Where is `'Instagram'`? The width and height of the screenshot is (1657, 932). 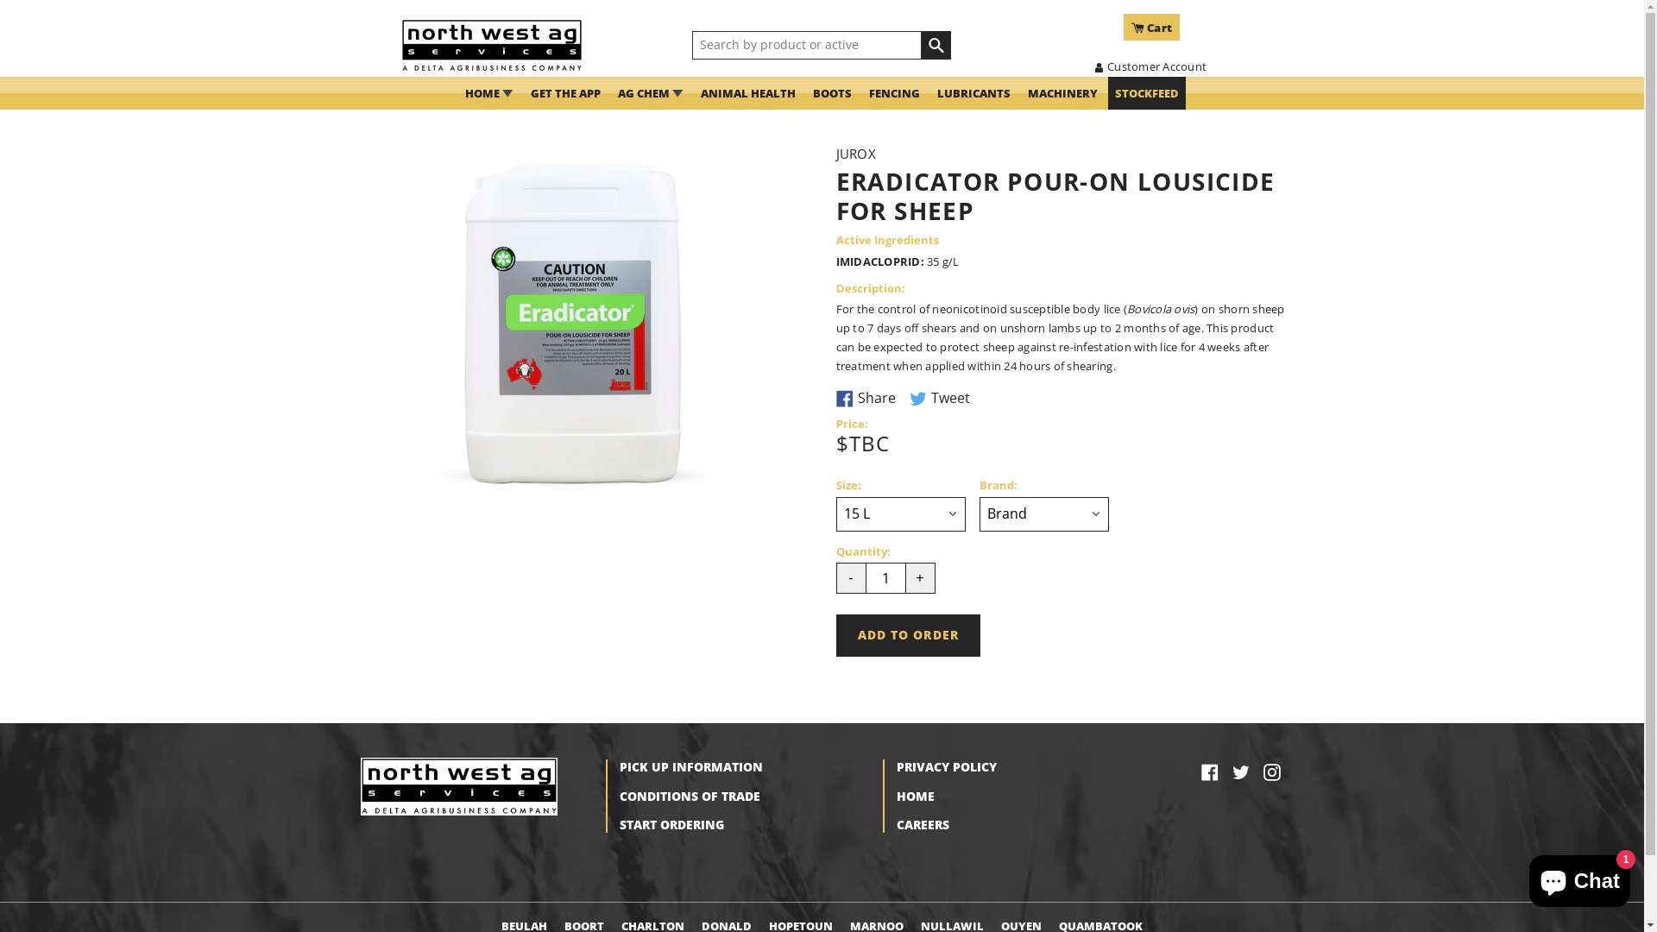 'Instagram' is located at coordinates (1271, 770).